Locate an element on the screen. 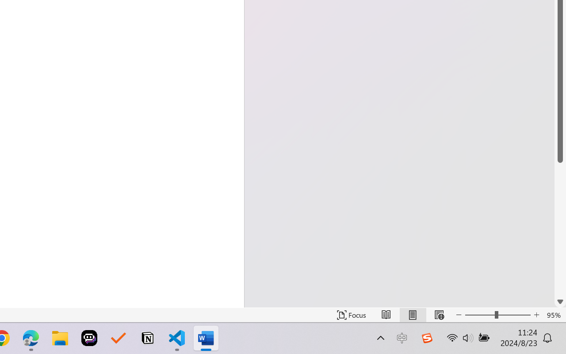 The image size is (566, 354). 'Zoom 95%' is located at coordinates (554, 315).